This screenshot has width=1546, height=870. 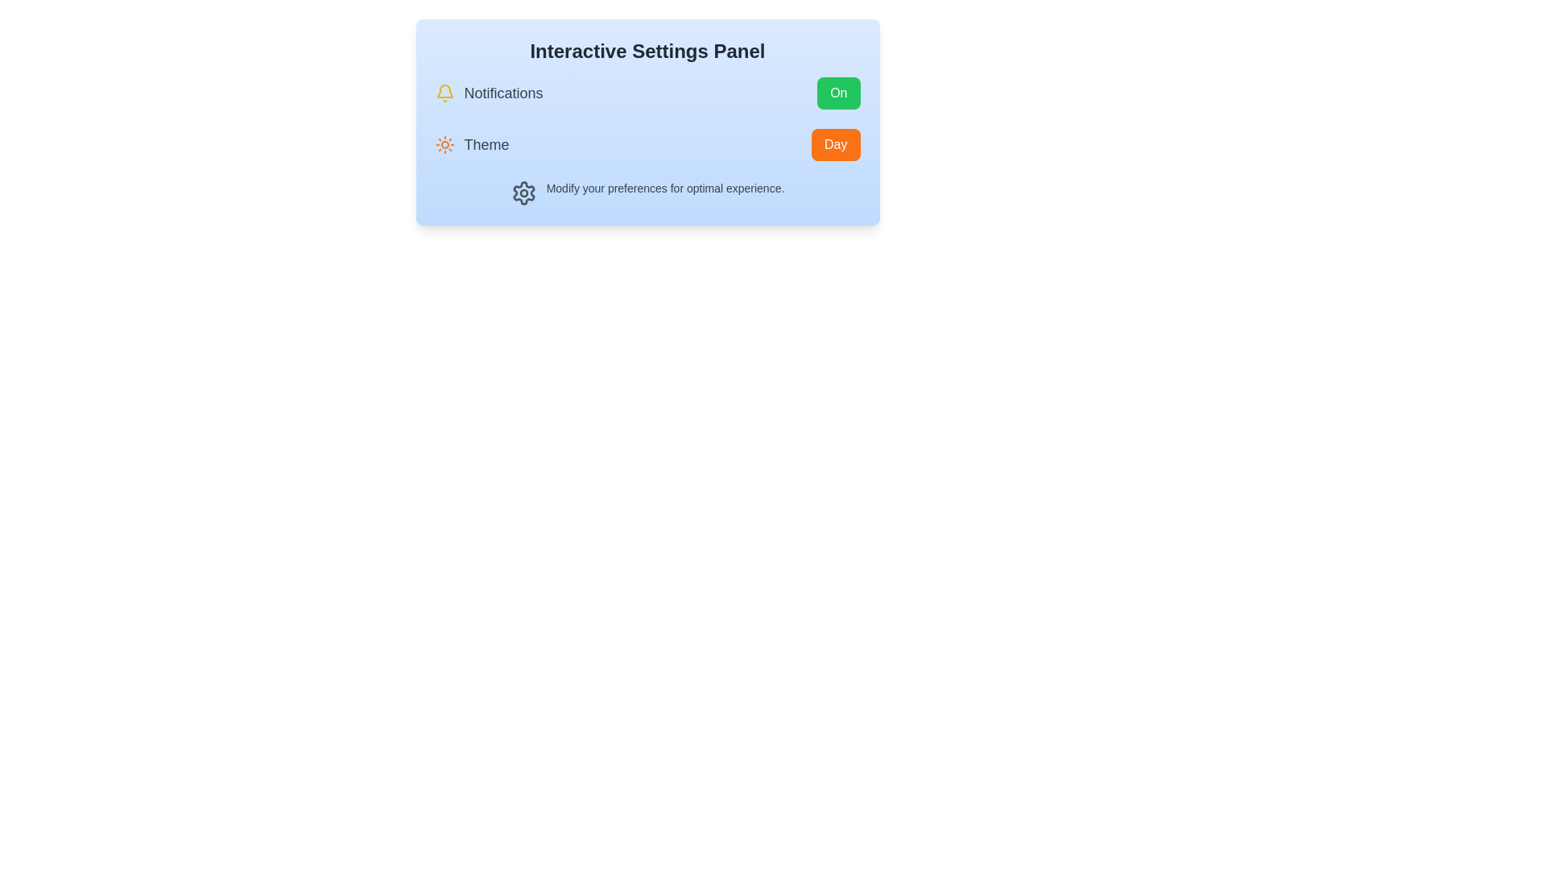 I want to click on the 'Notifications' toggle button, so click(x=837, y=93).